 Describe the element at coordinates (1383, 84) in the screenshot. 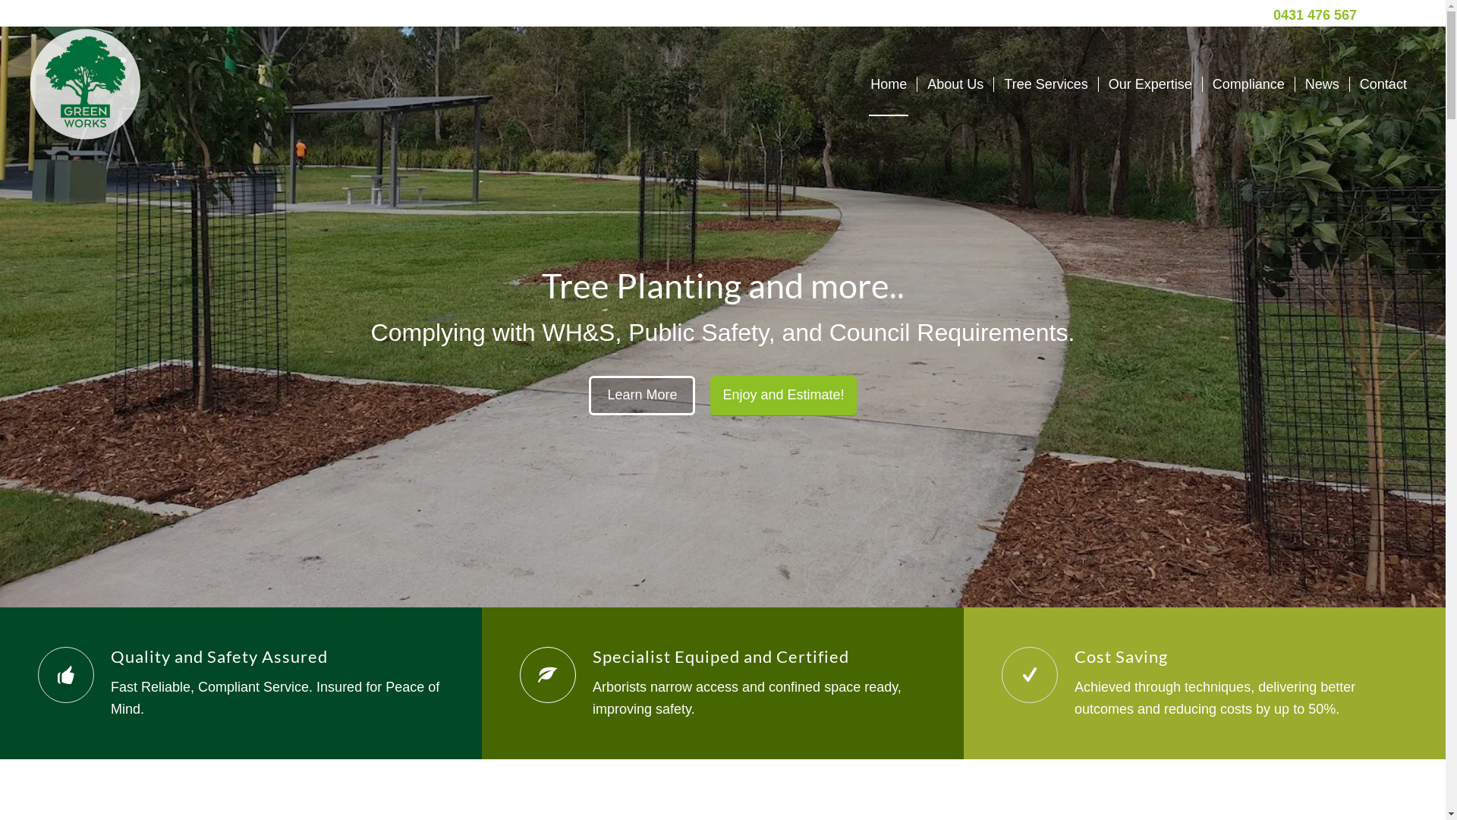

I see `'Contact'` at that location.